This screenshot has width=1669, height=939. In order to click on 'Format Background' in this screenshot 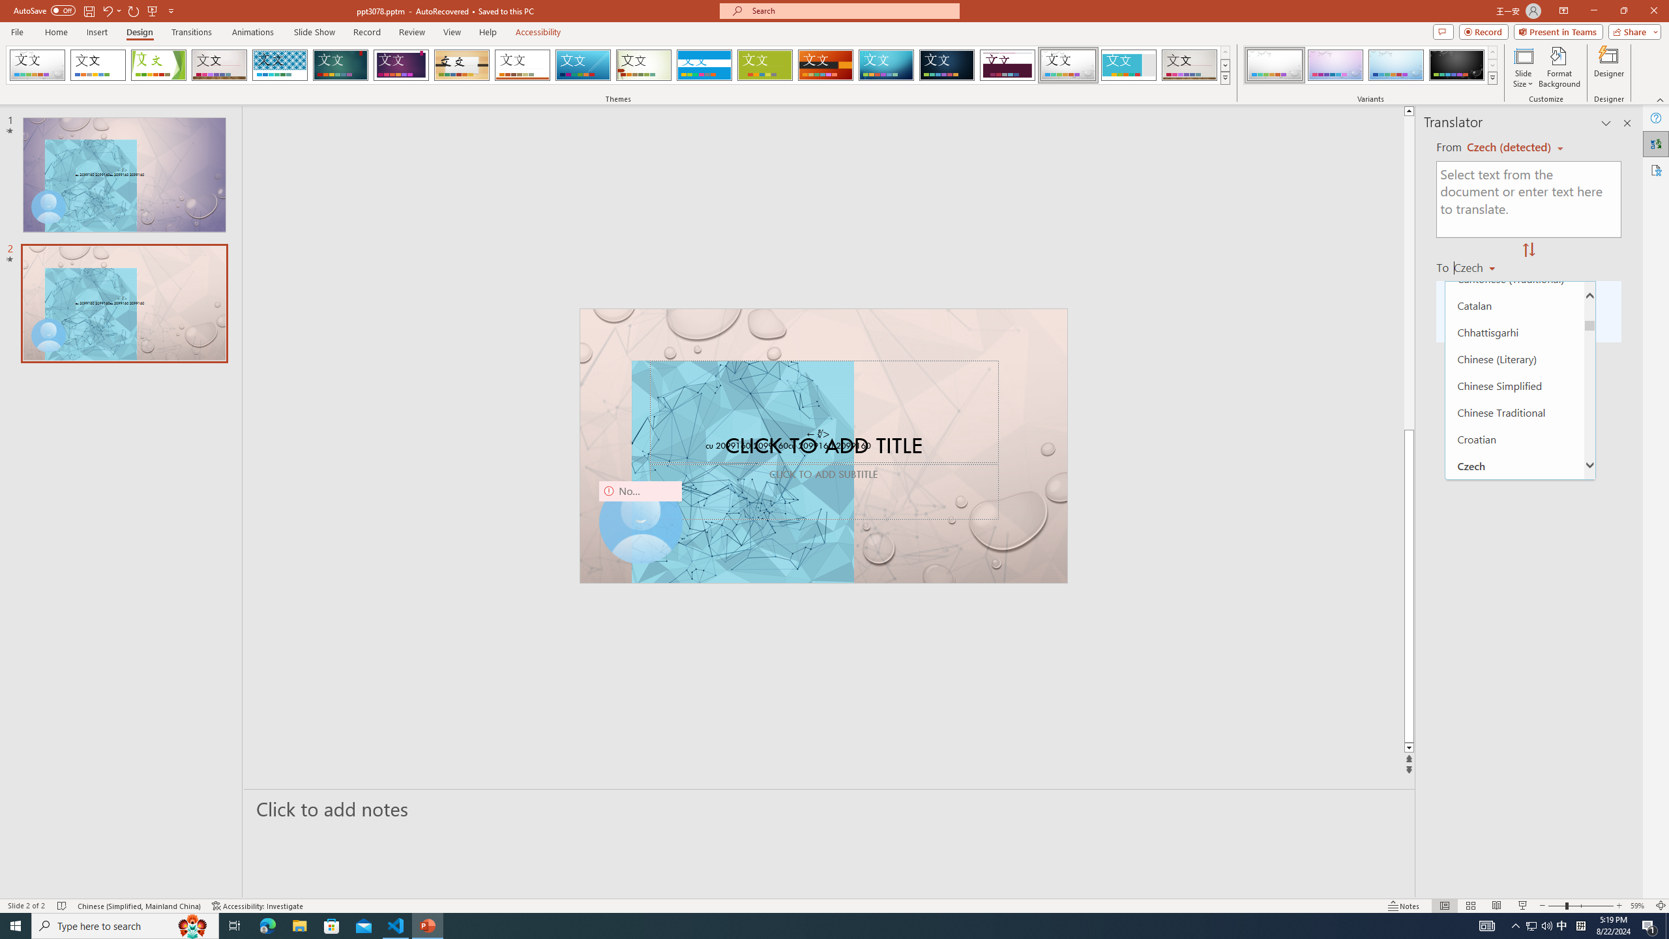, I will do `click(1559, 67)`.